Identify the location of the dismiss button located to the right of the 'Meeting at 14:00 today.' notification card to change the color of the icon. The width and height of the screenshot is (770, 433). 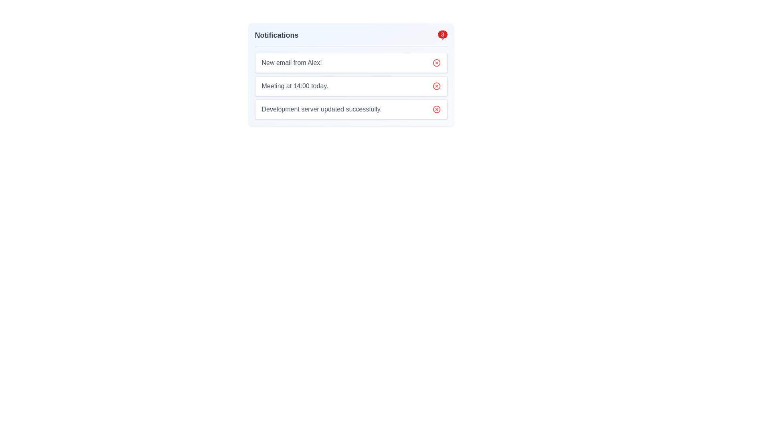
(436, 86).